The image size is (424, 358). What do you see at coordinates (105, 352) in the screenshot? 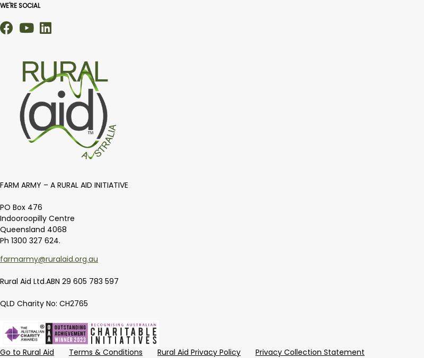
I see `'Terms & Conditions'` at bounding box center [105, 352].